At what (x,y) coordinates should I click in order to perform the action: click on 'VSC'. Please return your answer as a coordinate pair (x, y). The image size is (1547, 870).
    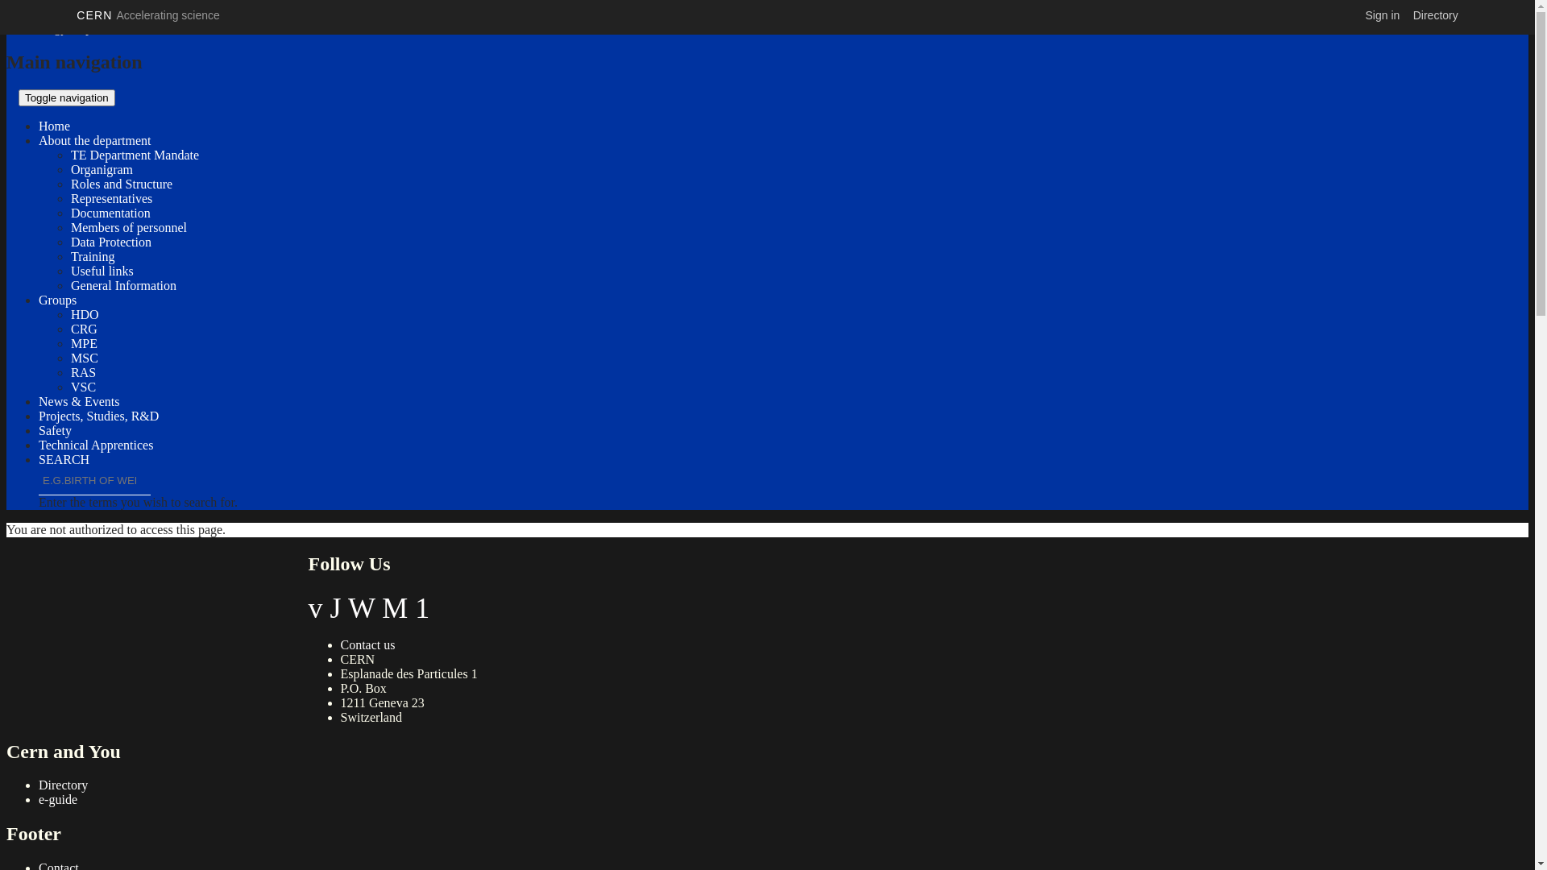
    Looking at the image, I should click on (82, 387).